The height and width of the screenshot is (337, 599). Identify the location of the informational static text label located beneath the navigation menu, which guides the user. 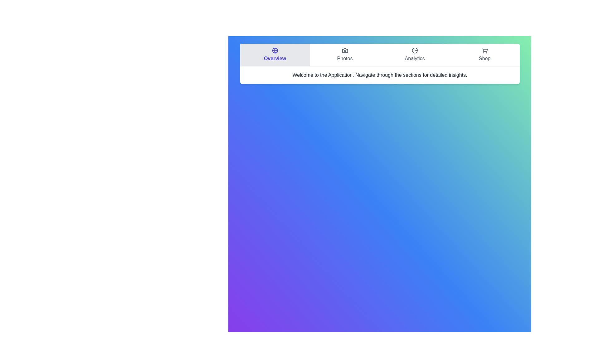
(379, 75).